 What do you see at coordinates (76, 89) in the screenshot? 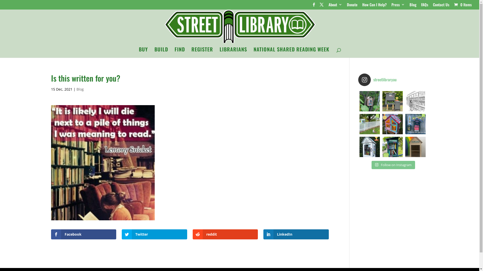
I see `'Blog'` at bounding box center [76, 89].